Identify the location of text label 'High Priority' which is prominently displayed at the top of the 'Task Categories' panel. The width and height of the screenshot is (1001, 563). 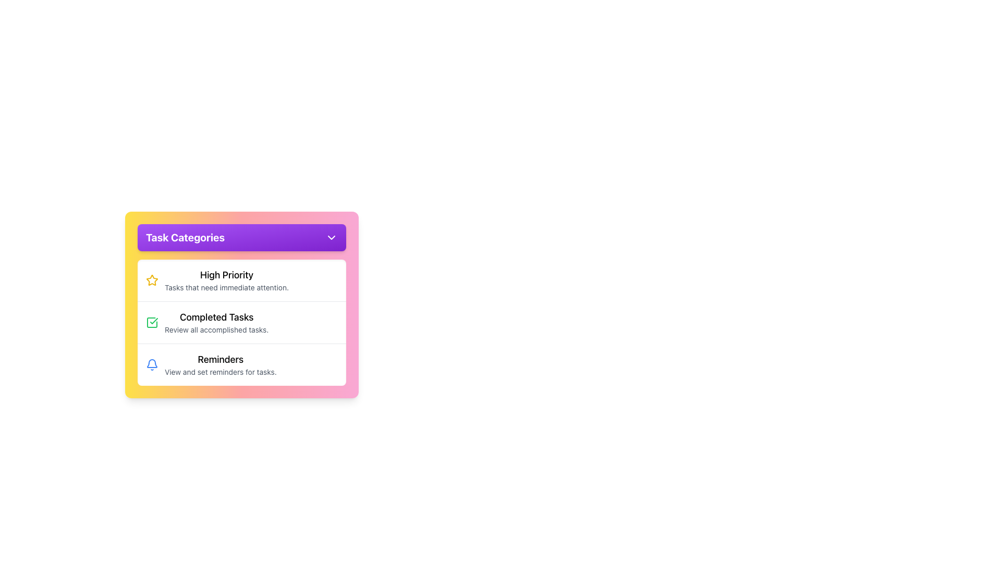
(226, 275).